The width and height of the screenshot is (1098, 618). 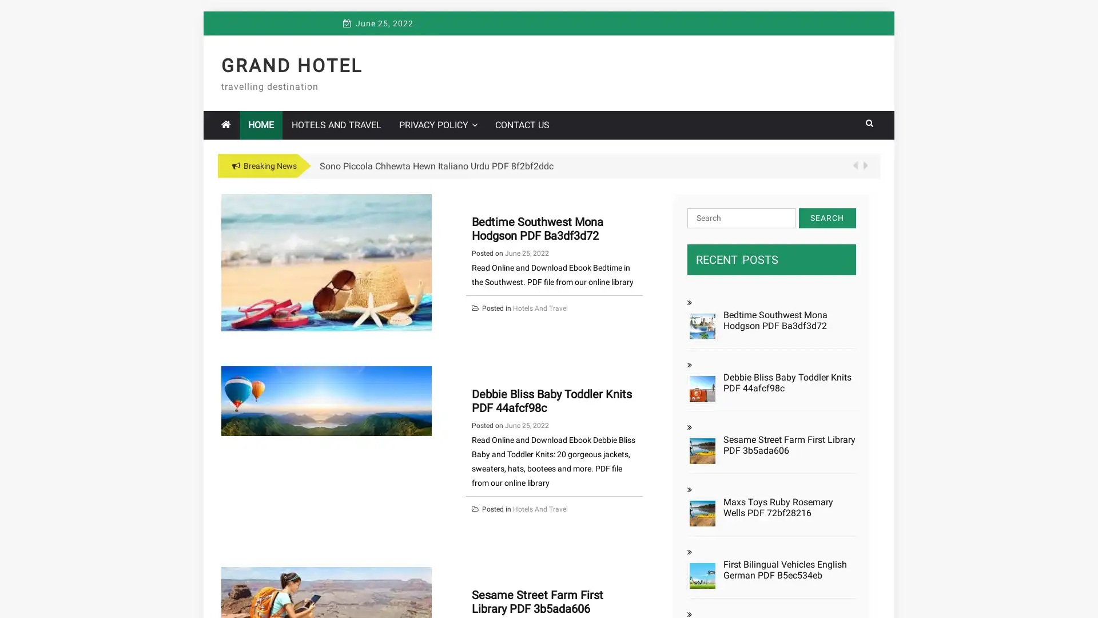 What do you see at coordinates (826, 217) in the screenshot?
I see `Search` at bounding box center [826, 217].